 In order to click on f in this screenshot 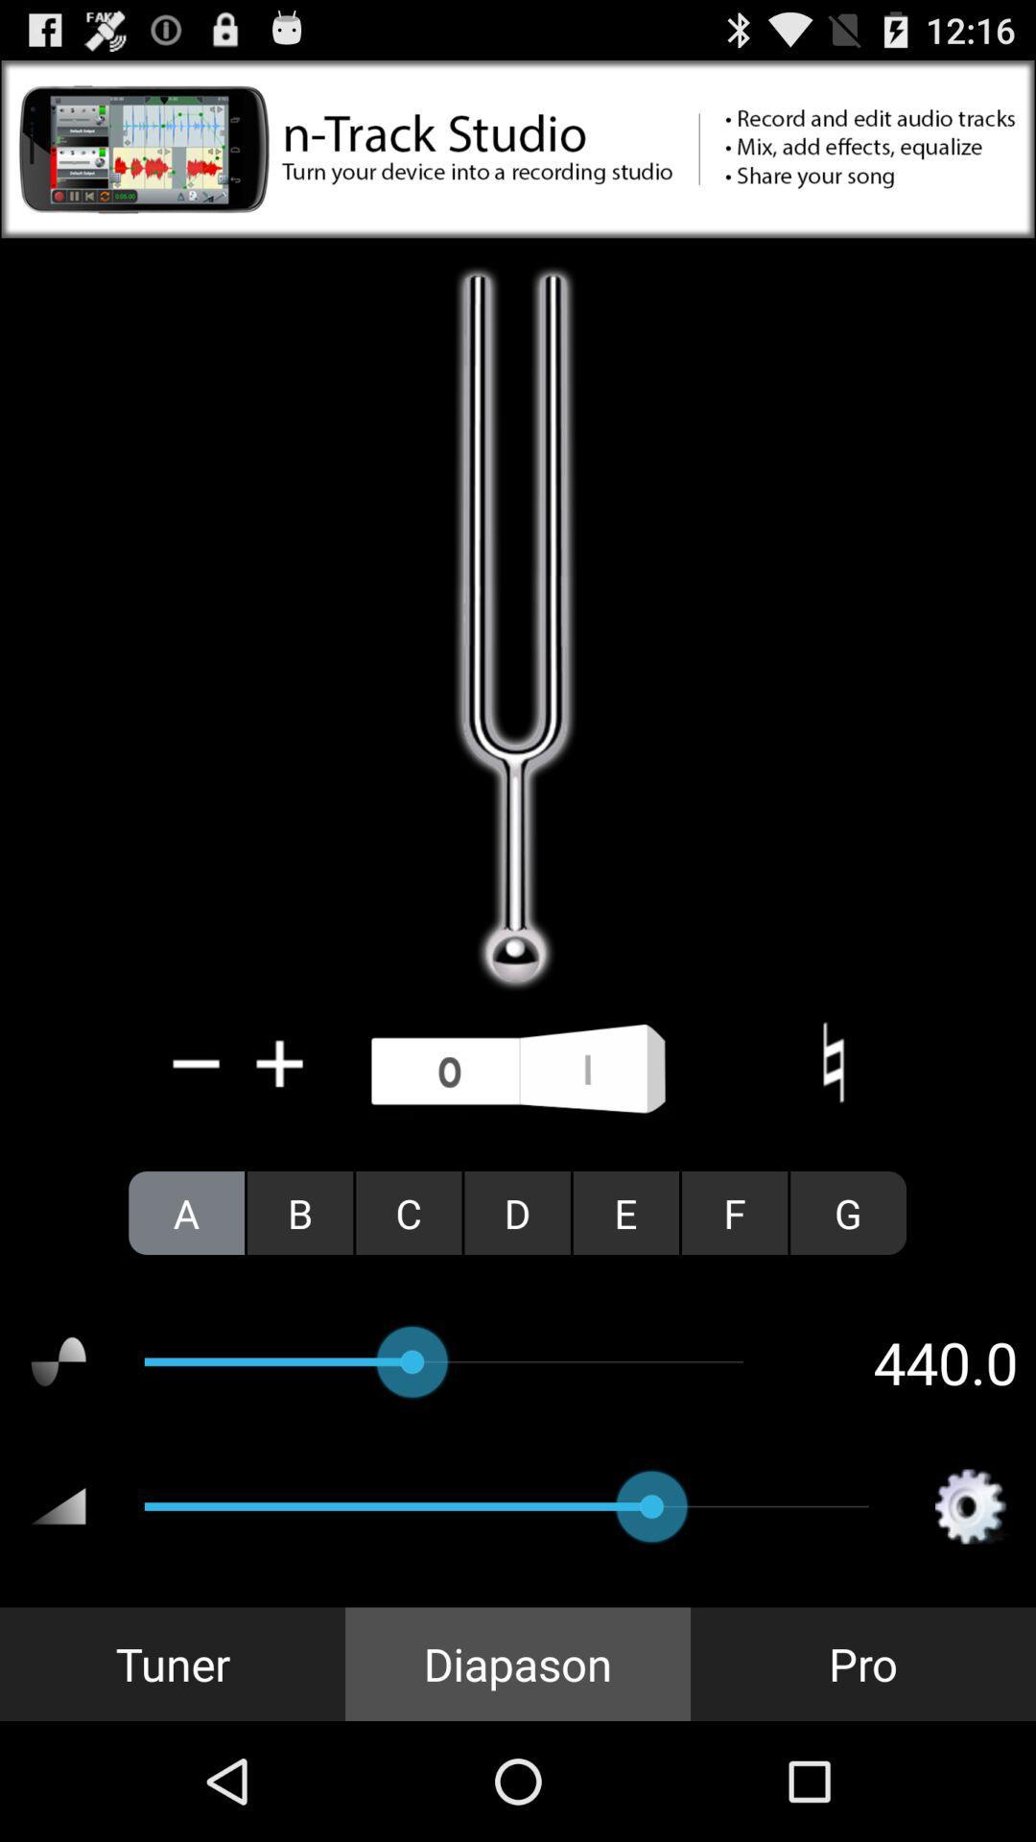, I will do `click(734, 1212)`.